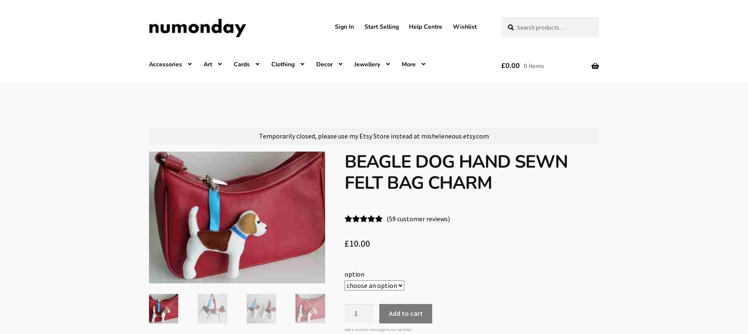 This screenshot has height=334, width=748. Describe the element at coordinates (421, 285) in the screenshot. I see `'Clear'` at that location.